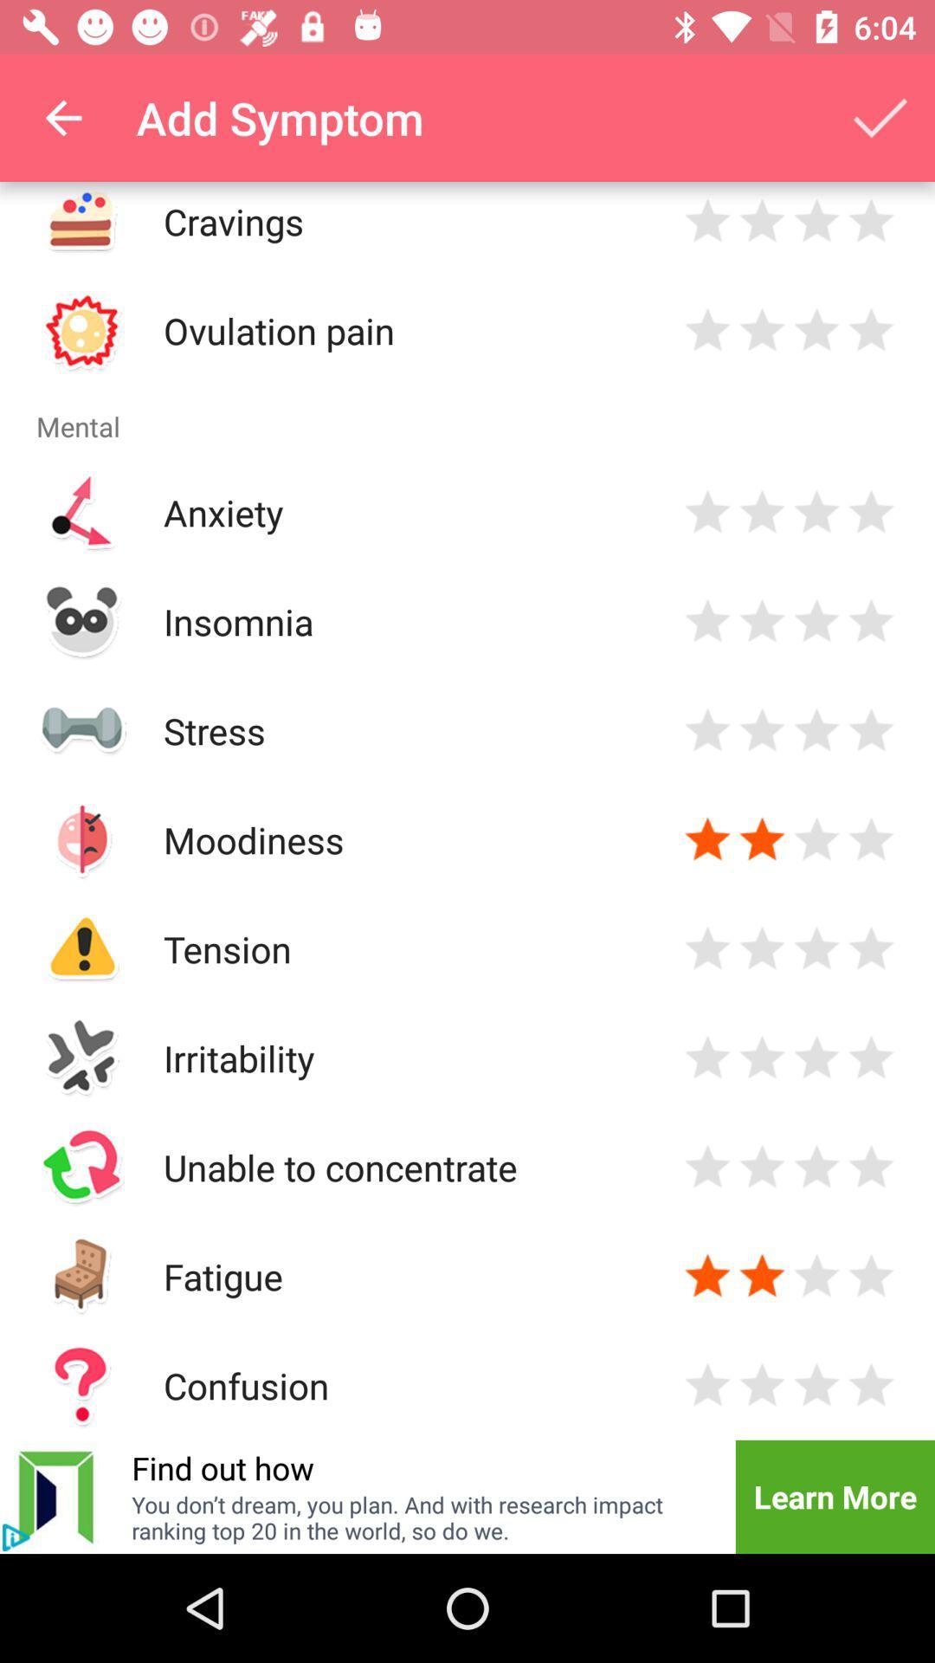  I want to click on click the star, so click(707, 948).